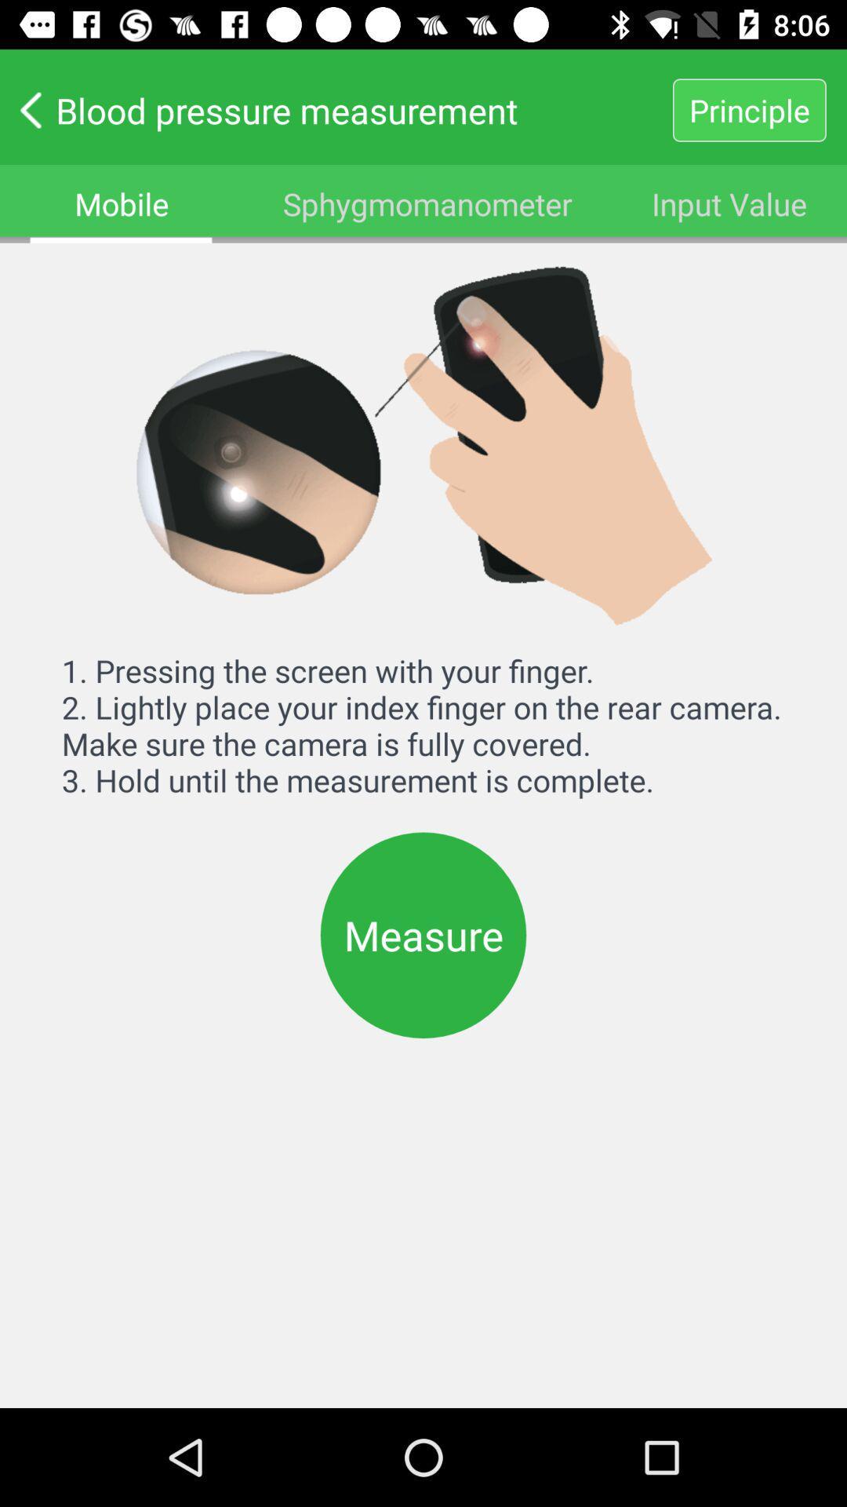 The width and height of the screenshot is (847, 1507). What do you see at coordinates (427, 203) in the screenshot?
I see `the item next to input value icon` at bounding box center [427, 203].